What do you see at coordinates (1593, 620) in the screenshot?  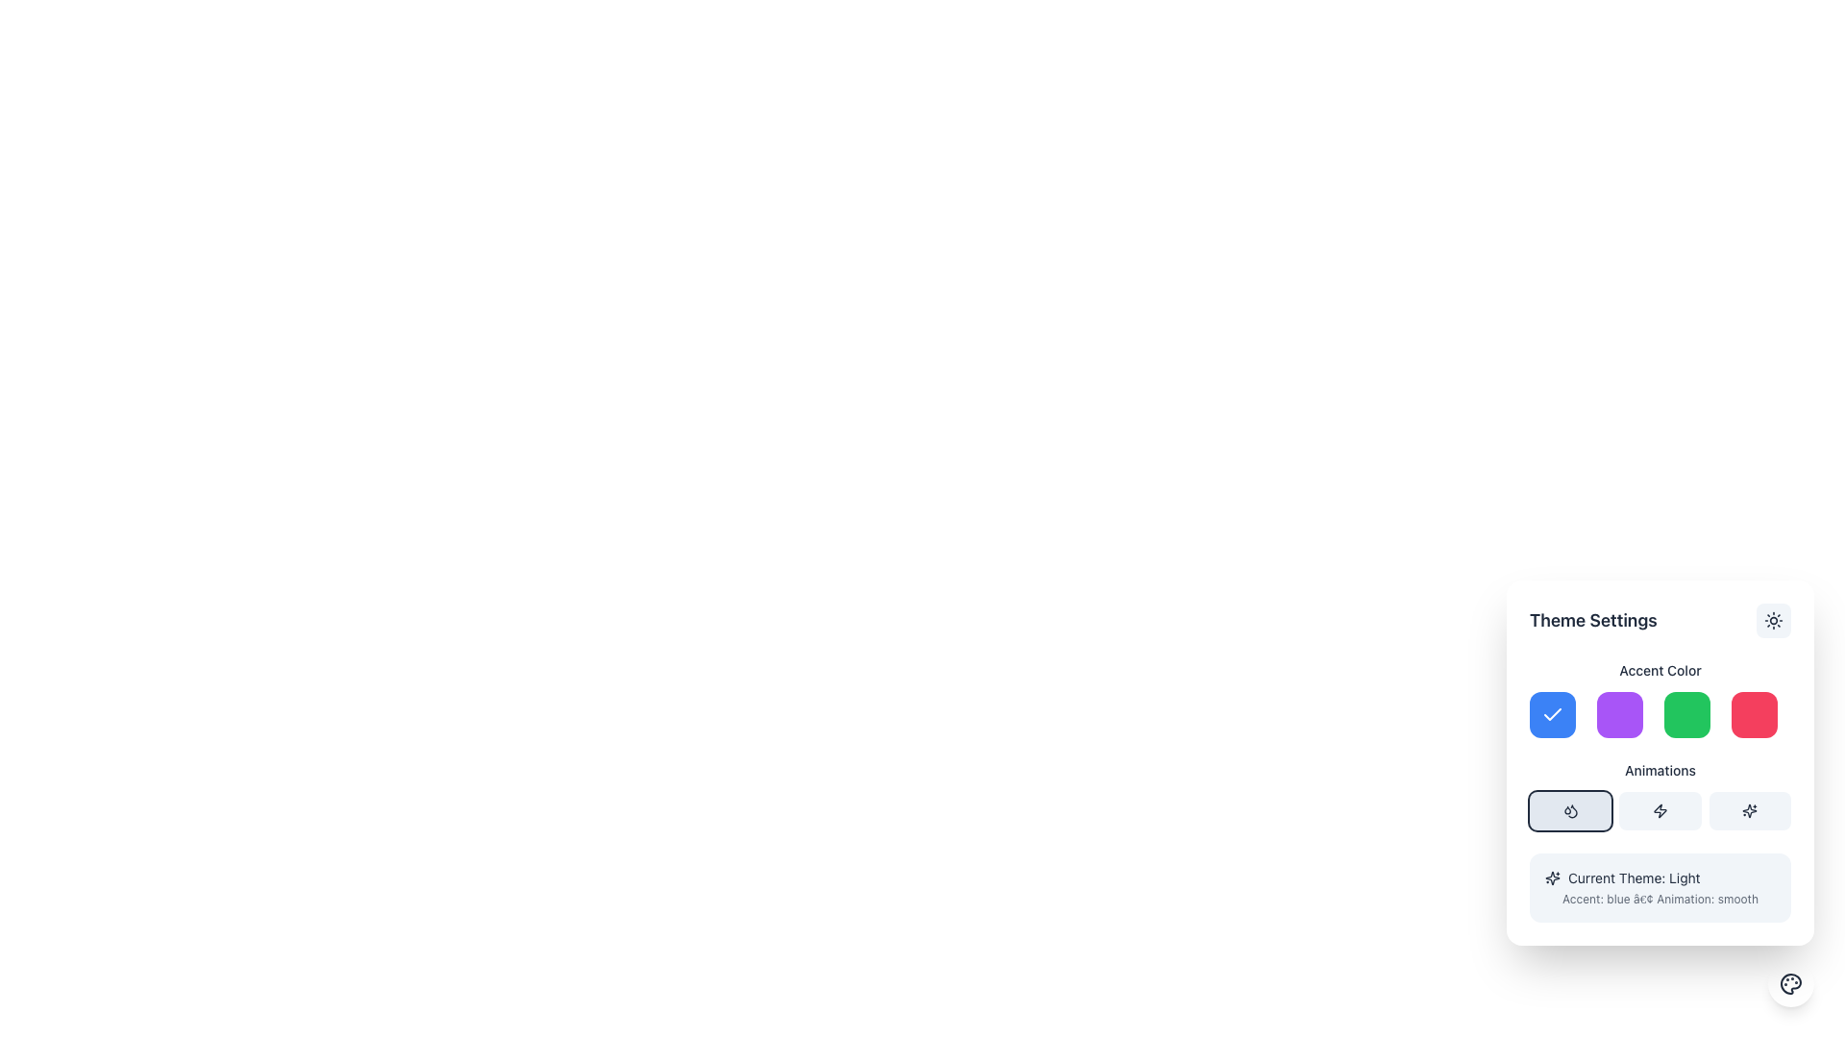 I see `the heading element that indicates 'Theme Settings' in the top-left section of the settings panel` at bounding box center [1593, 620].